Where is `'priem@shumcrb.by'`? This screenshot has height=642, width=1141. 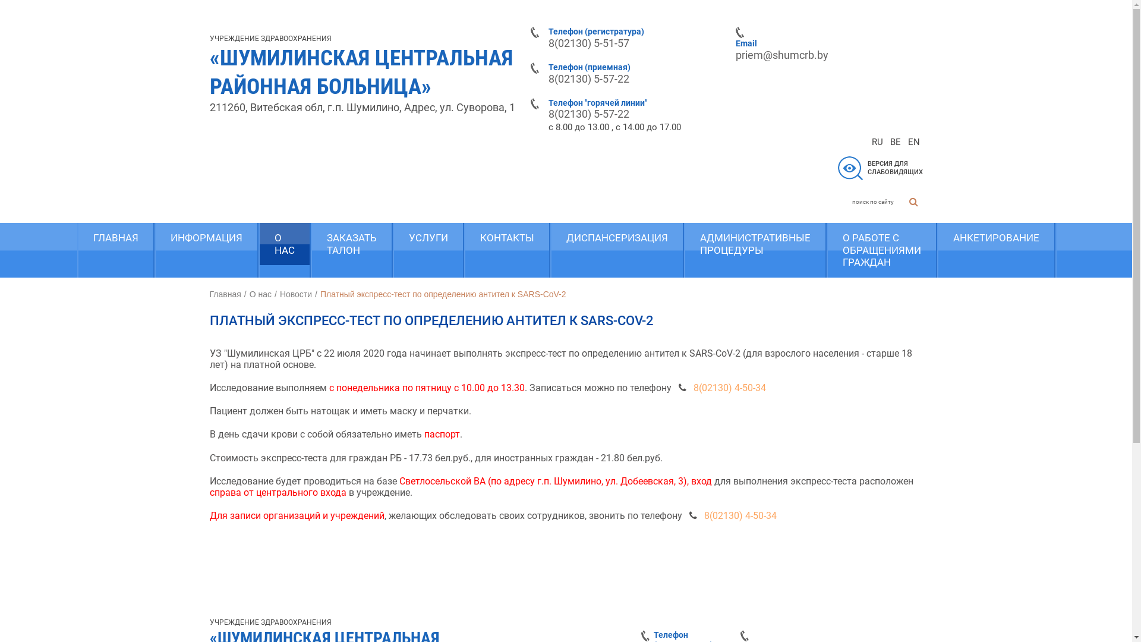
'priem@shumcrb.by' is located at coordinates (781, 55).